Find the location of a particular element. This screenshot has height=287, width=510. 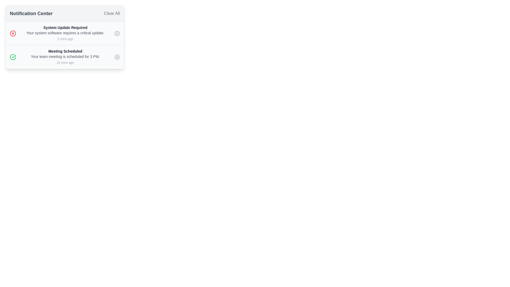

the dismiss button located at the far-right of the notification entry for 'System Update Required' is located at coordinates (117, 33).